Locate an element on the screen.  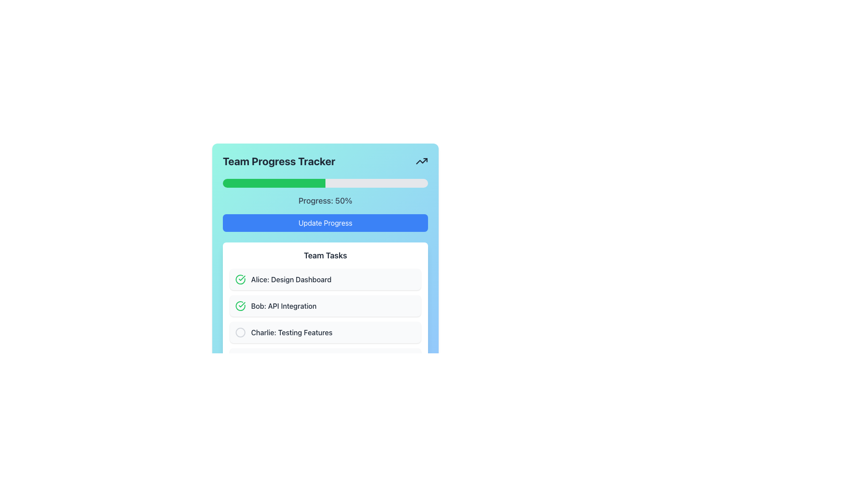
the button located below the progress bar and 'Progress: 50%' label in the 'Team Progress Tracker' card layout is located at coordinates (325, 223).